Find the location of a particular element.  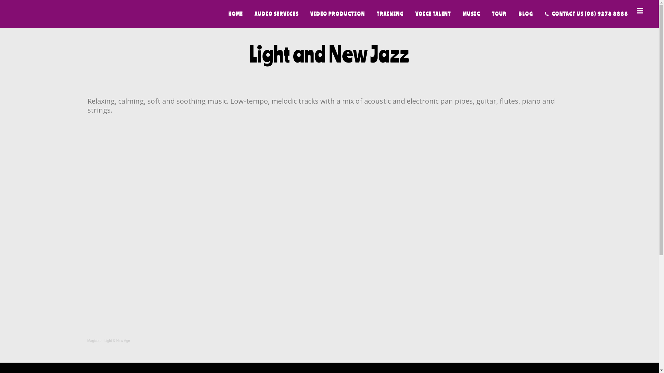

'Light & New Age' is located at coordinates (104, 340).